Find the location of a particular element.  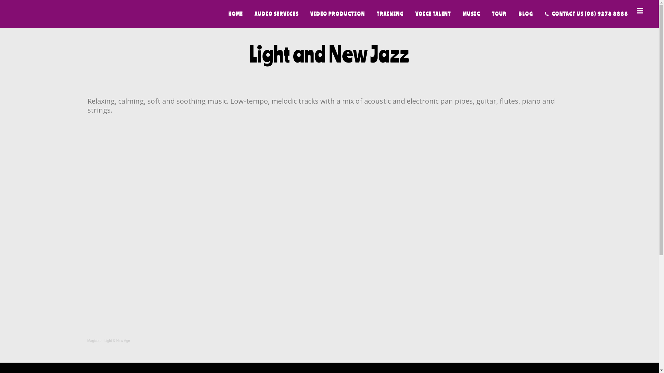

'Light & New Age' is located at coordinates (104, 340).